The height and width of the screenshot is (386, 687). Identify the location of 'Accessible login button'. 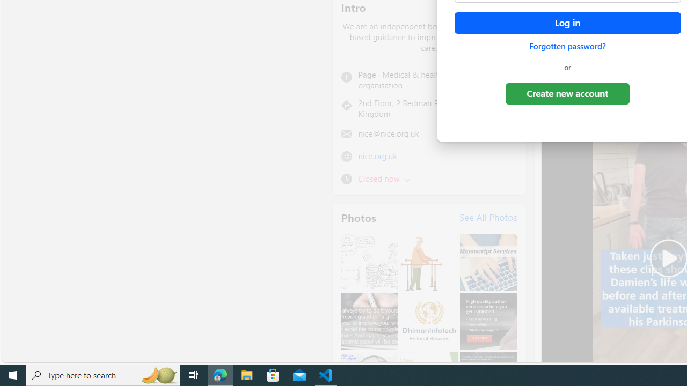
(567, 23).